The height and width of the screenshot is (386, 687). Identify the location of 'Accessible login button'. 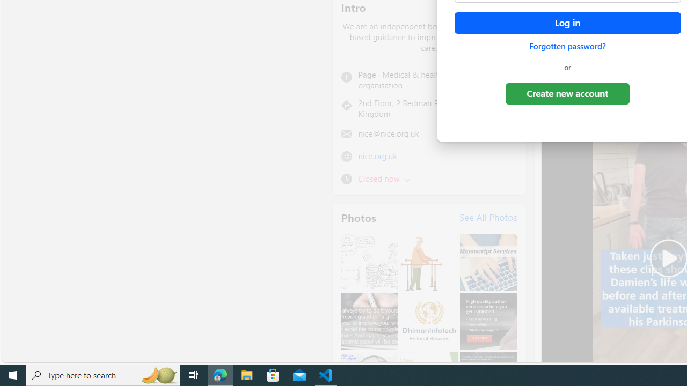
(567, 23).